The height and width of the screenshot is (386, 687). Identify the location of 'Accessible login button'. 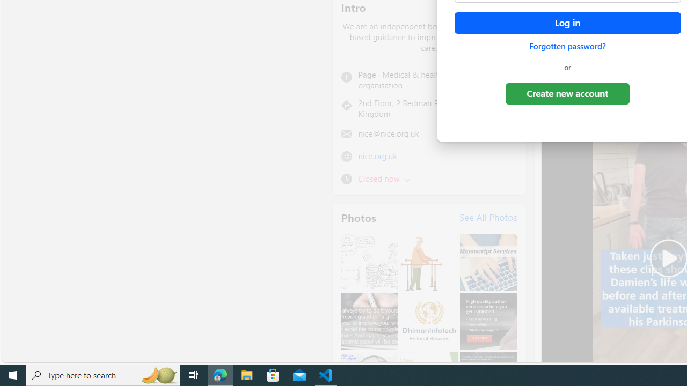
(567, 23).